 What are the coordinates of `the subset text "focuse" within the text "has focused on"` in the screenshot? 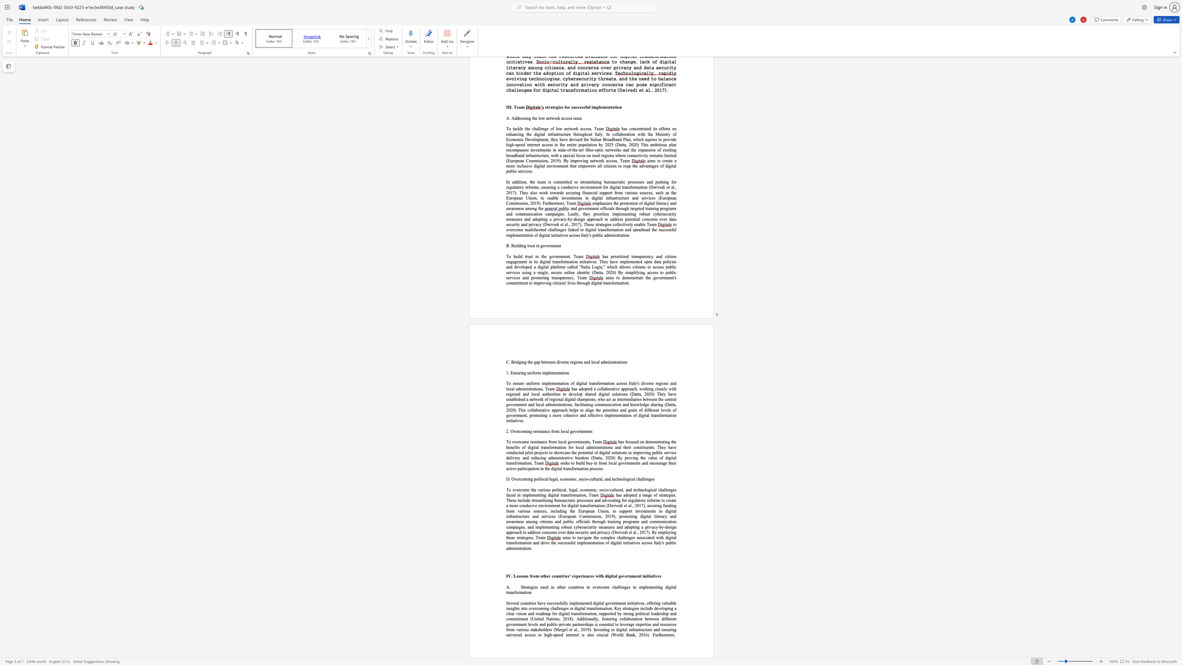 It's located at (624, 441).